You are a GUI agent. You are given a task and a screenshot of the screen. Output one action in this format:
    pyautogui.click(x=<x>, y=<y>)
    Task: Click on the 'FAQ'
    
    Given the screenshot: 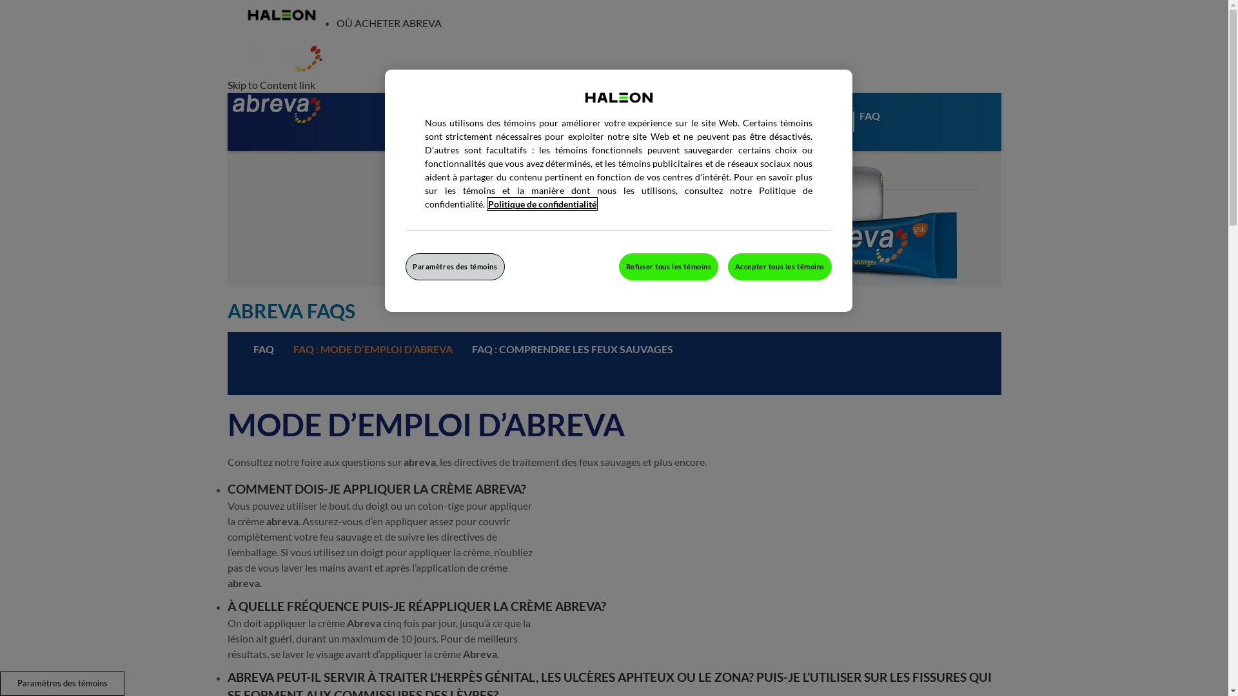 What is the action you would take?
    pyautogui.click(x=878, y=131)
    